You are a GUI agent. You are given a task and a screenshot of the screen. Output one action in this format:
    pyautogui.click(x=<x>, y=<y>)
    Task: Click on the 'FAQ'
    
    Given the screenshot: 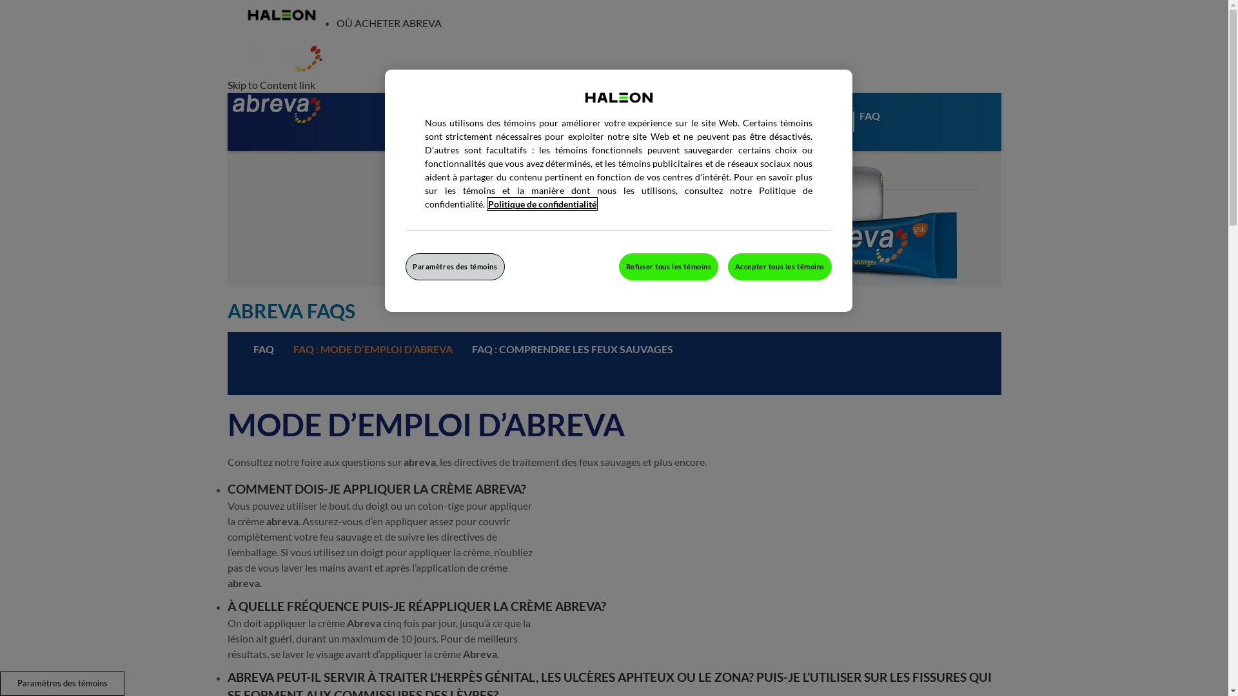 What is the action you would take?
    pyautogui.click(x=878, y=131)
    